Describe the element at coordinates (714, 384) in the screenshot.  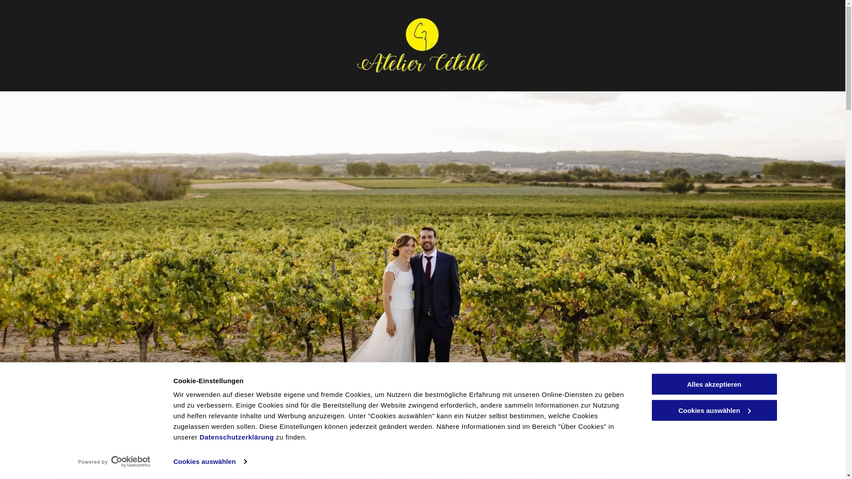
I see `'Alles akzeptieren'` at that location.